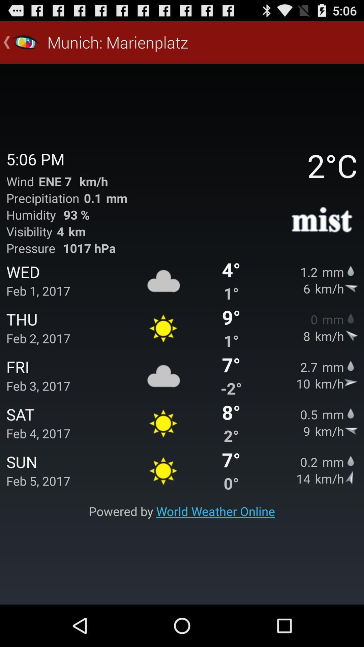 The width and height of the screenshot is (364, 647). I want to click on the icon which is next to the 27 mm, so click(351, 365).